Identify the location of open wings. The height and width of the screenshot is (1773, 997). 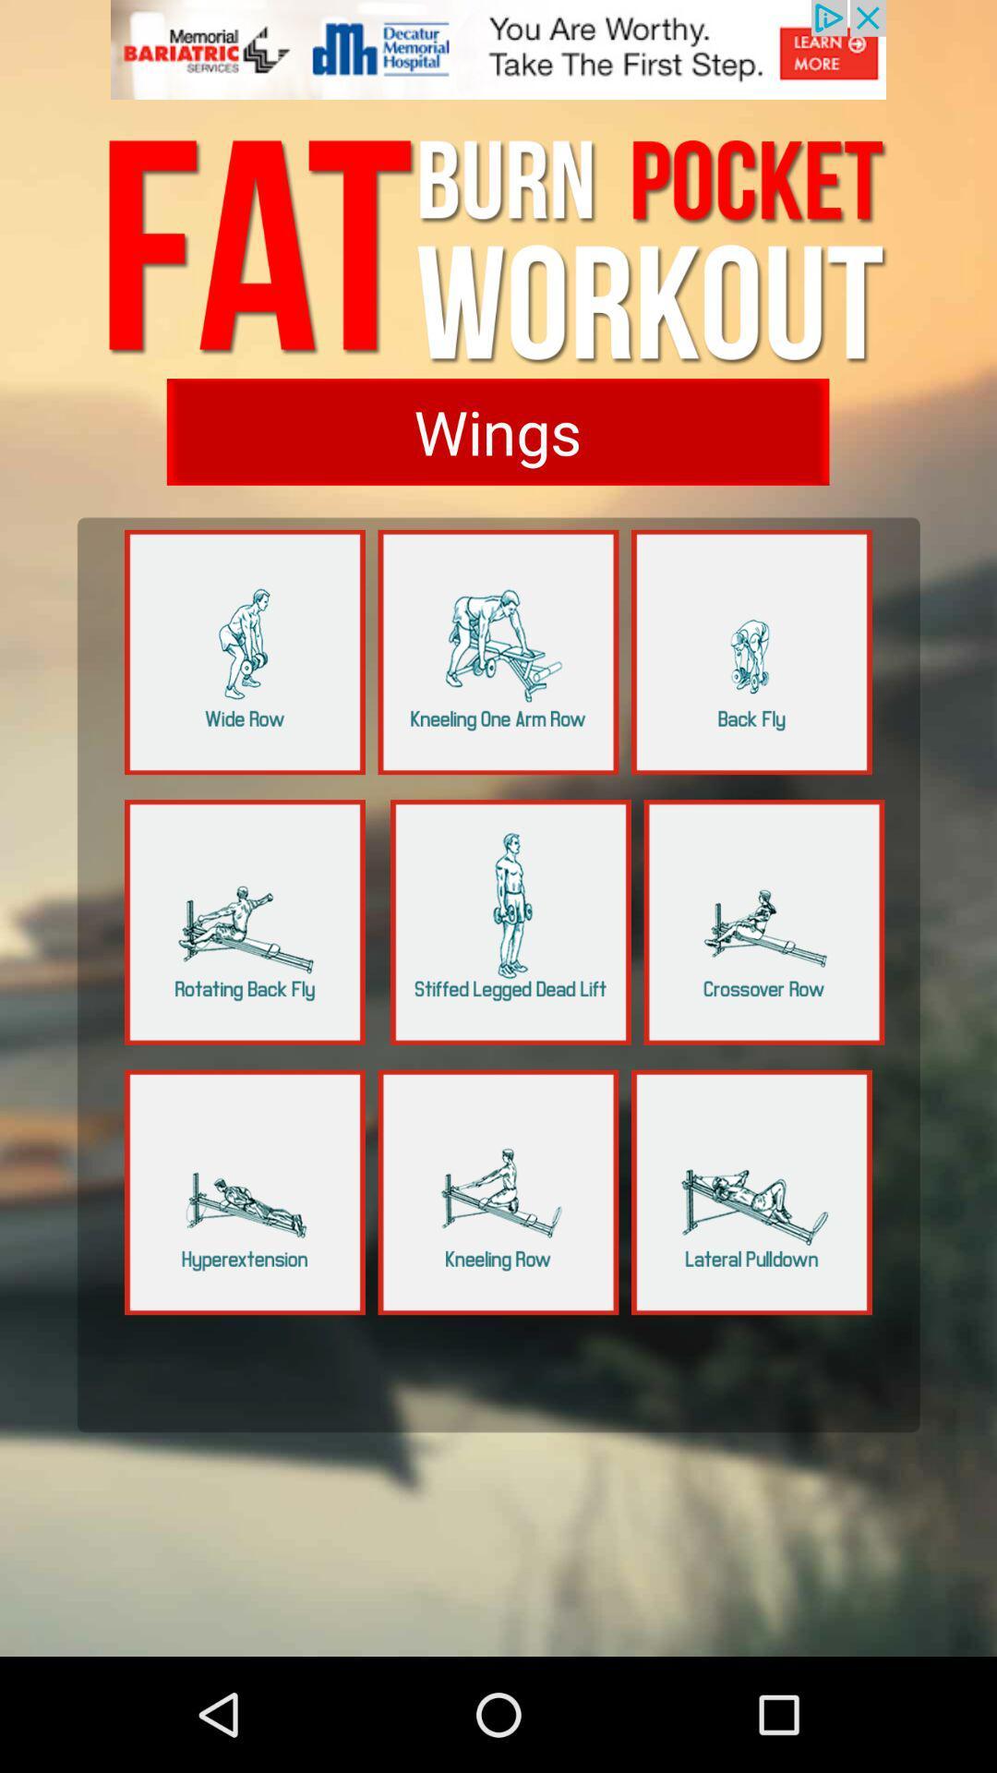
(497, 430).